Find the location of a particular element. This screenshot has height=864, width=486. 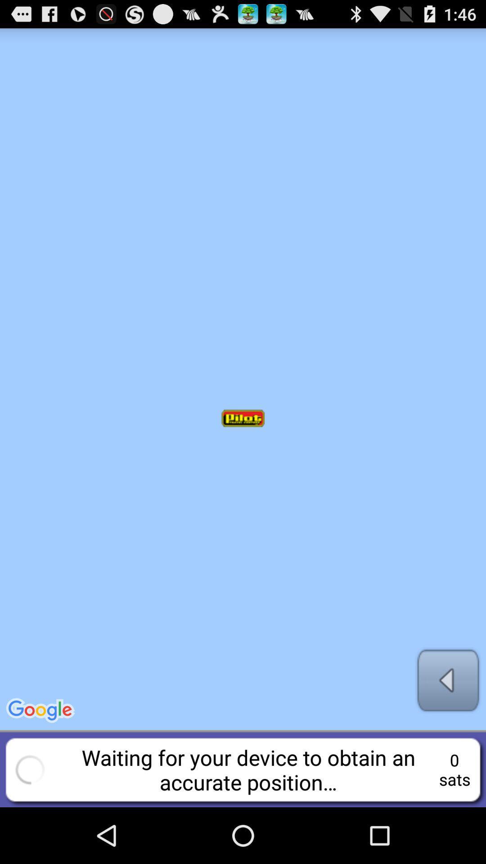

the arrow_backward icon is located at coordinates (448, 728).